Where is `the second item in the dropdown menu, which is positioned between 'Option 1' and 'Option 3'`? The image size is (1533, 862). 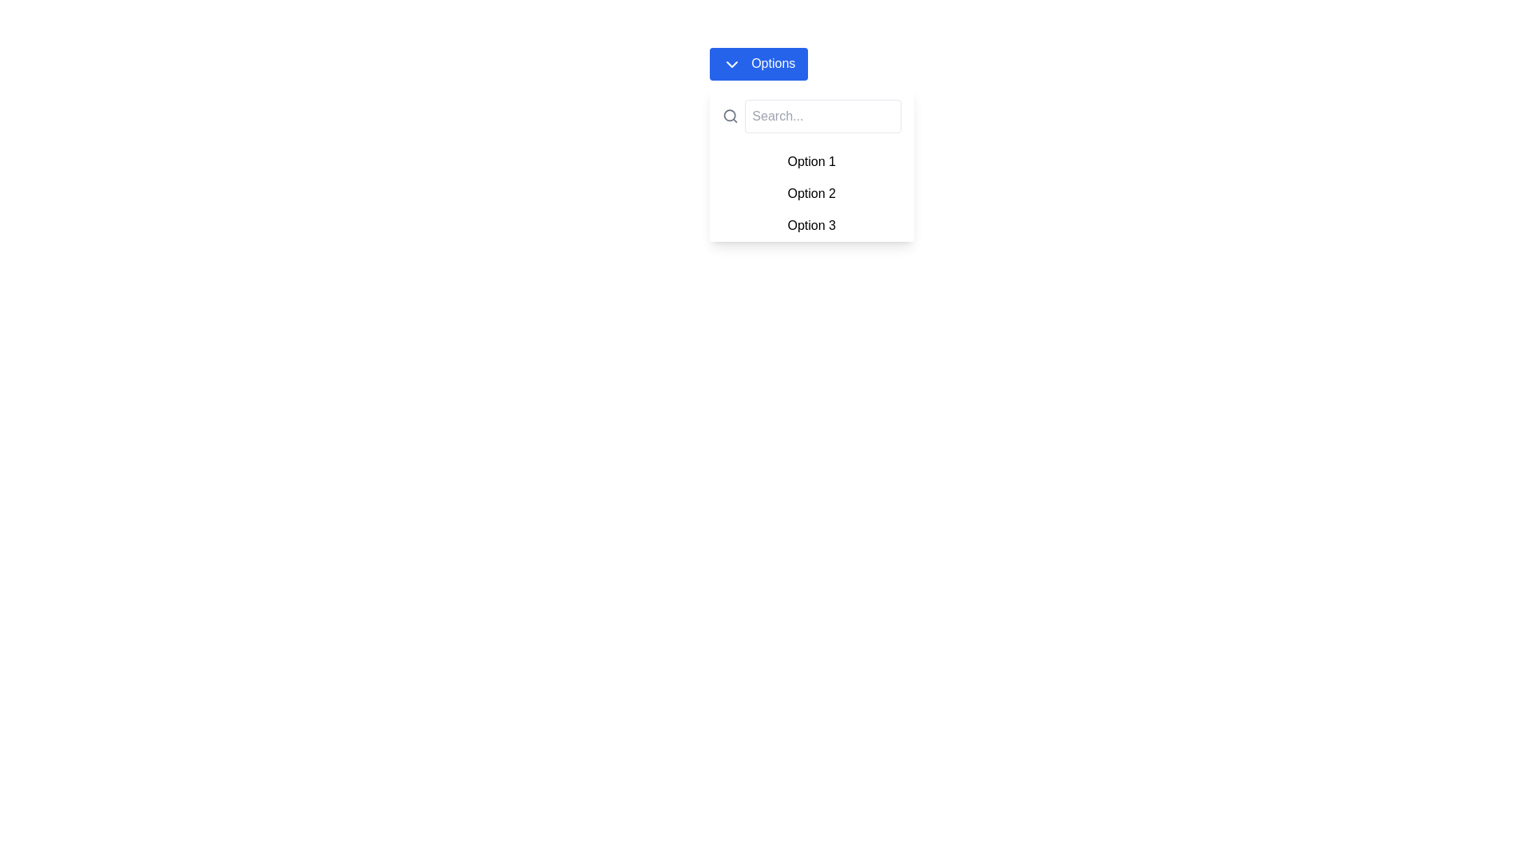
the second item in the dropdown menu, which is positioned between 'Option 1' and 'Option 3' is located at coordinates (811, 192).